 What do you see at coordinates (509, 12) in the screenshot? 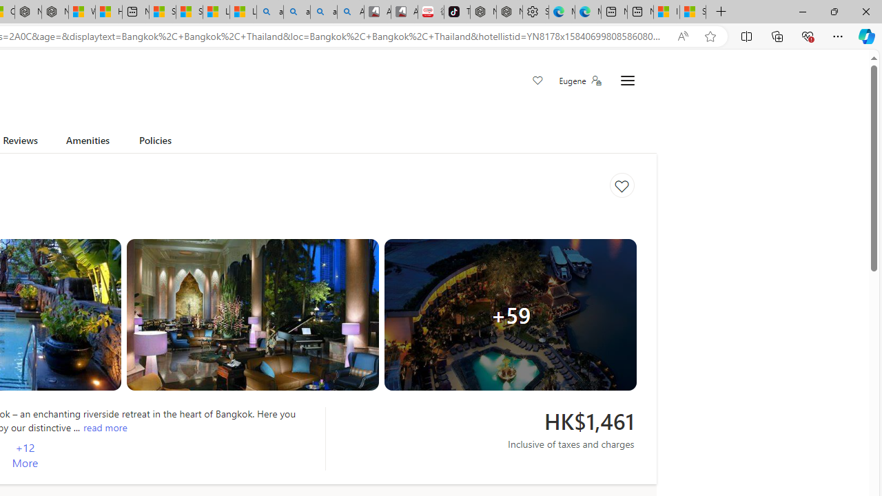
I see `'Nordace Siena Pro 15 Backpack'` at bounding box center [509, 12].